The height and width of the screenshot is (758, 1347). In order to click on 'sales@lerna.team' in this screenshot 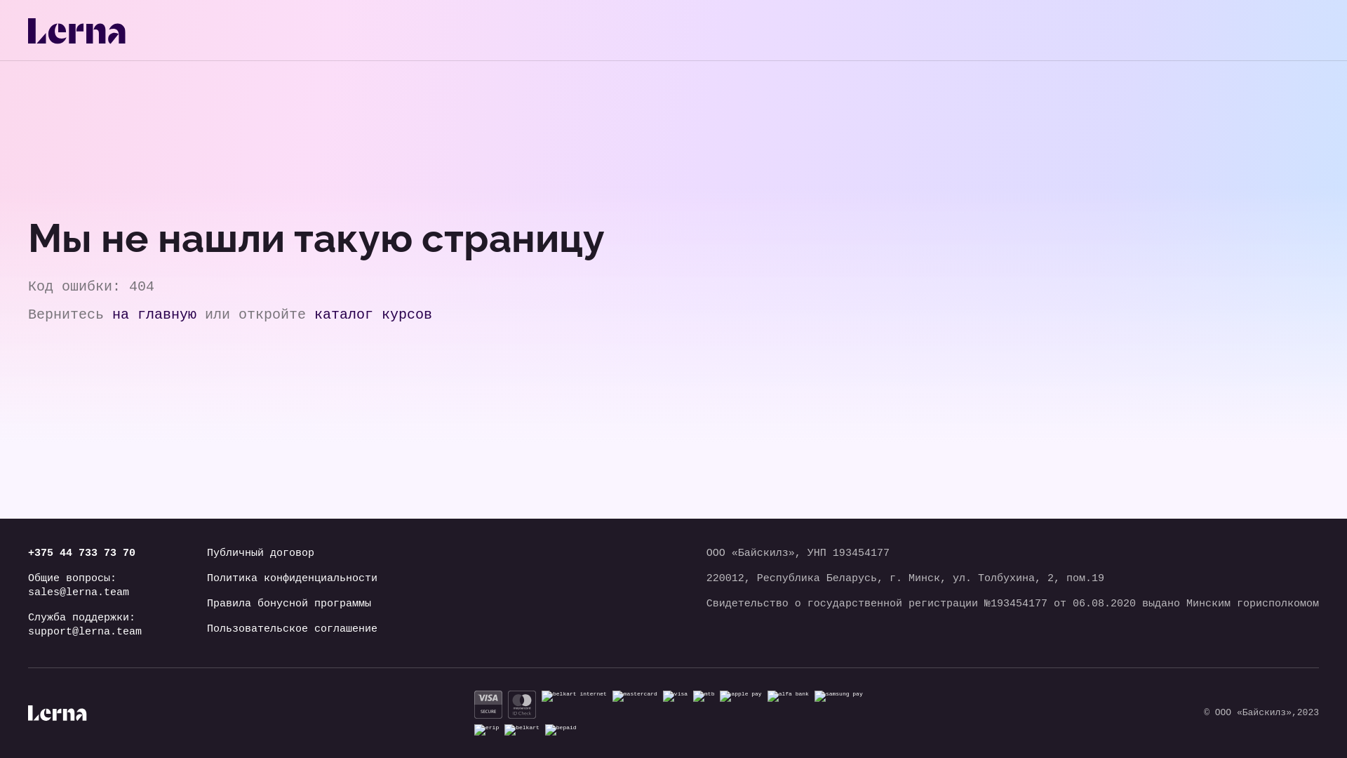, I will do `click(83, 592)`.